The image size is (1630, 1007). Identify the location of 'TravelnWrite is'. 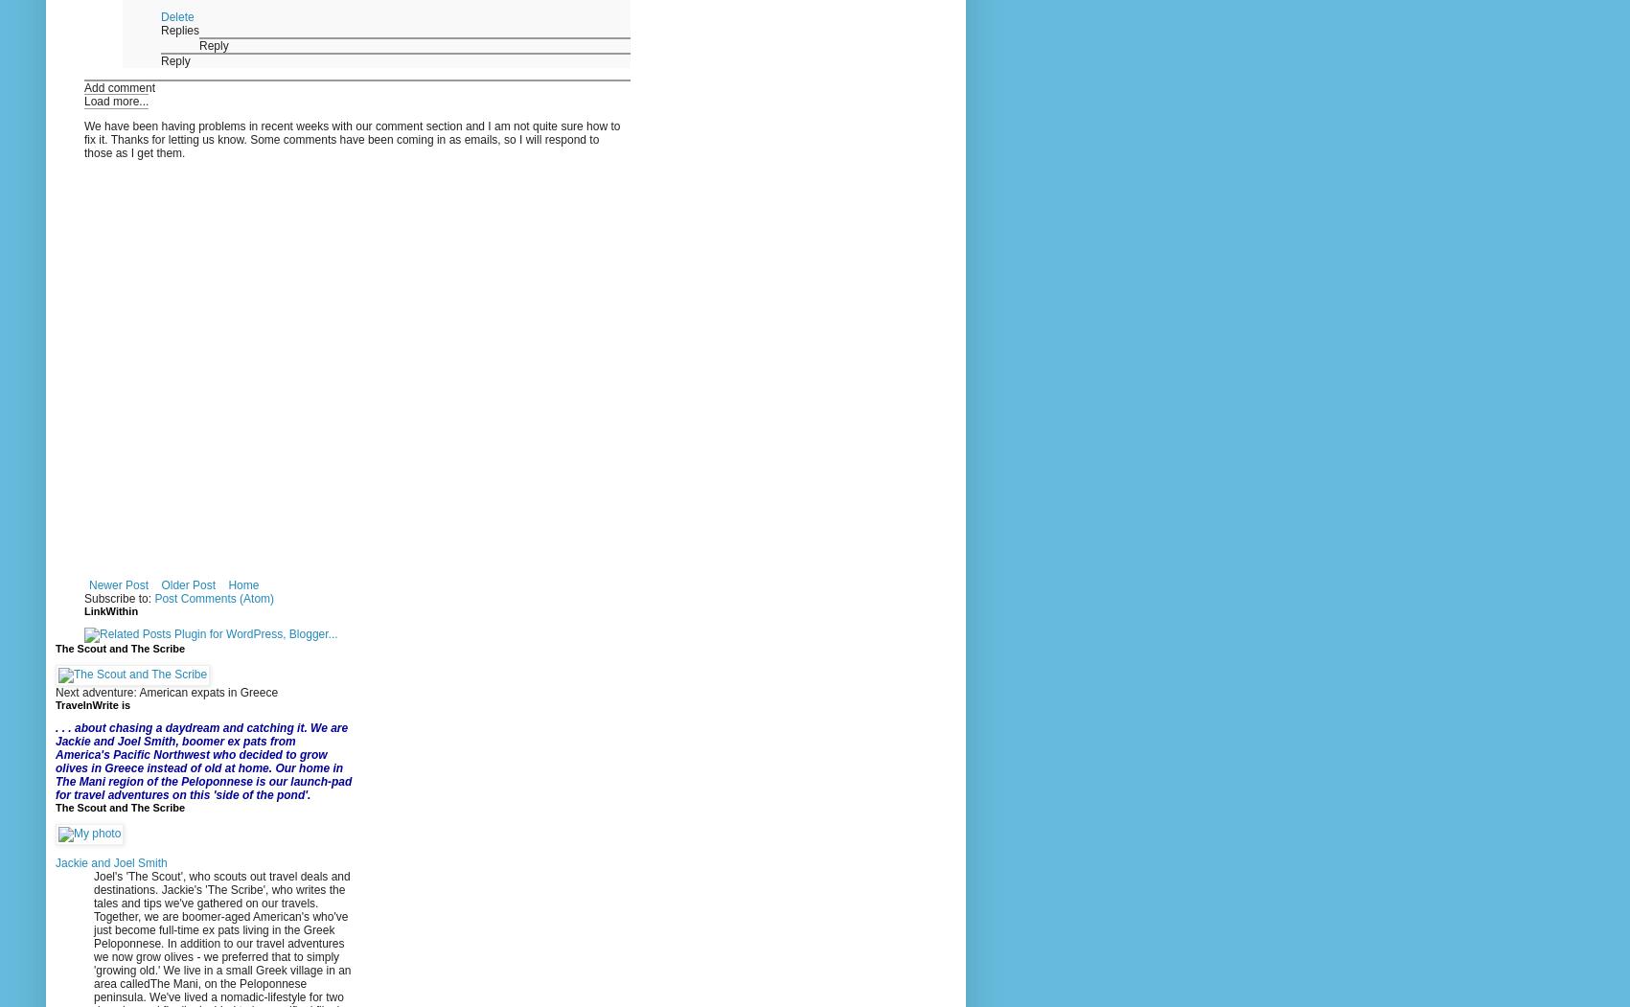
(92, 705).